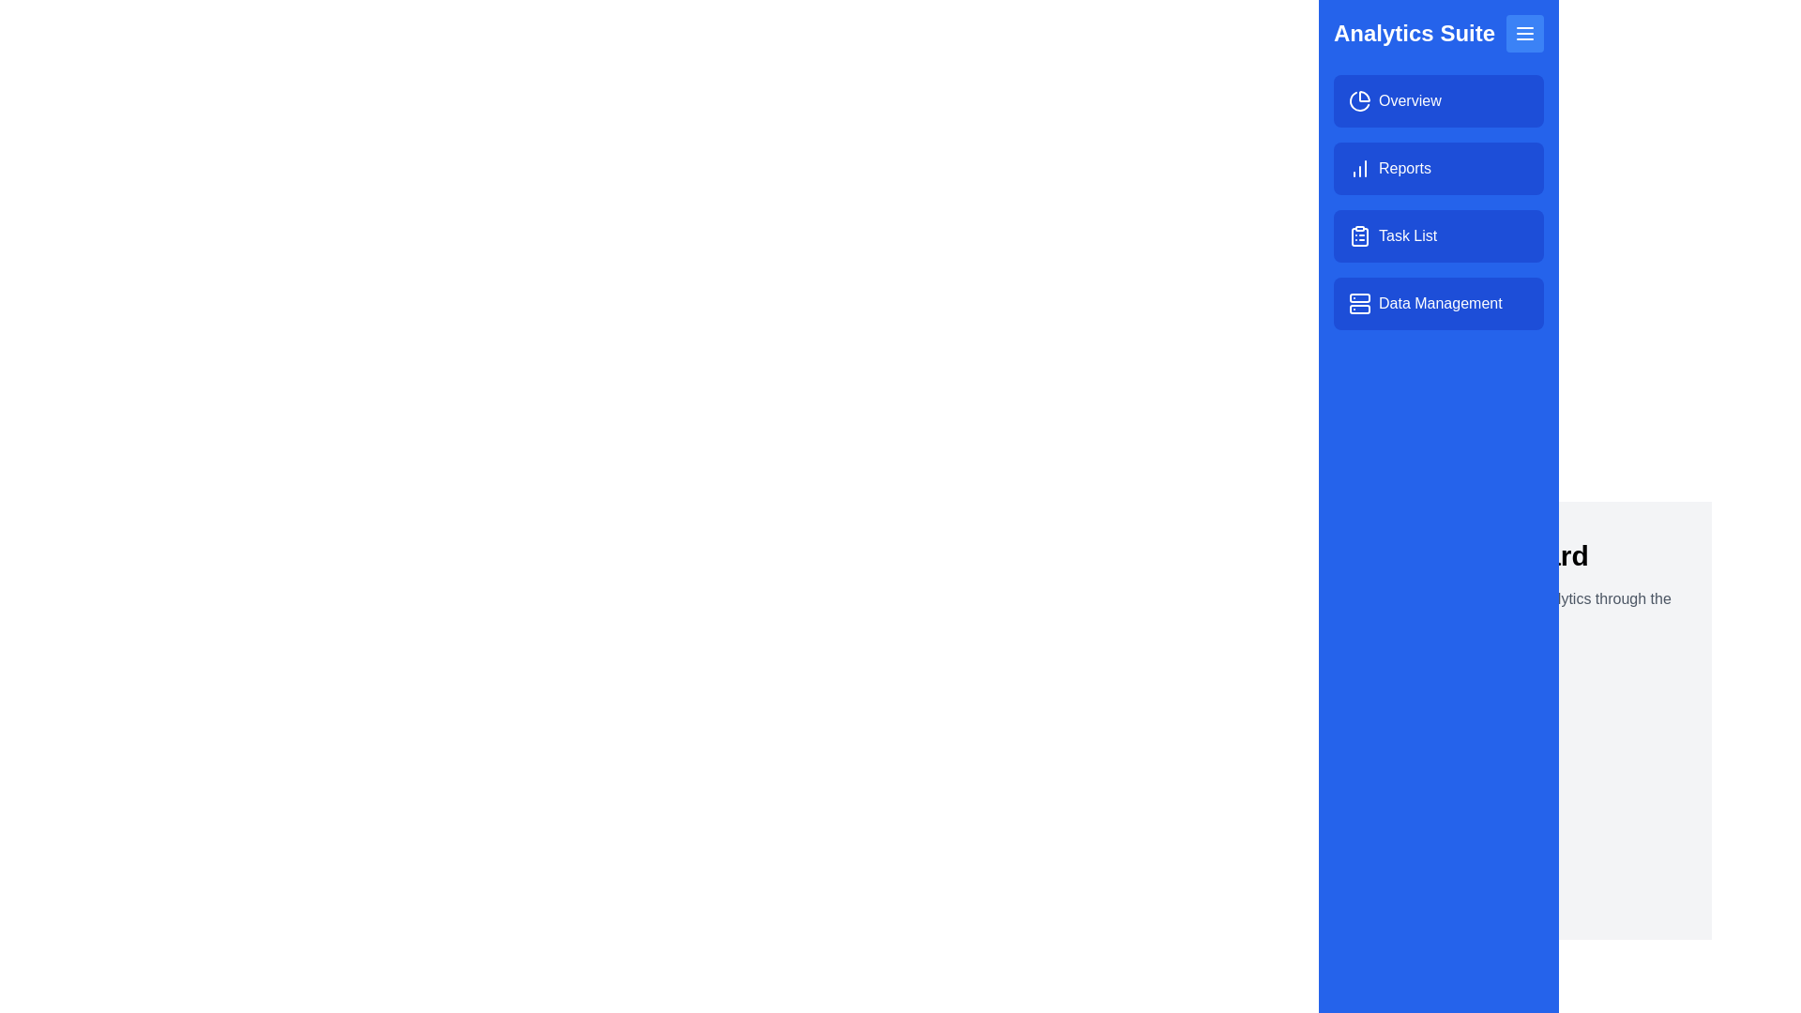 Image resolution: width=1801 pixels, height=1013 pixels. What do you see at coordinates (1438, 303) in the screenshot?
I see `the menu item labeled Data Management` at bounding box center [1438, 303].